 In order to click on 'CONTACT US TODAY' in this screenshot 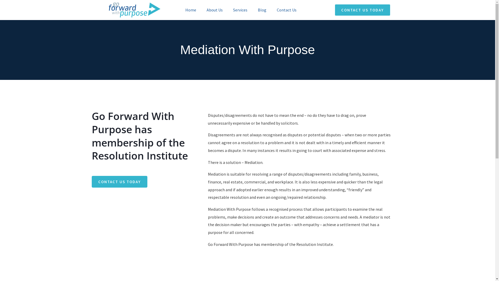, I will do `click(334, 10)`.